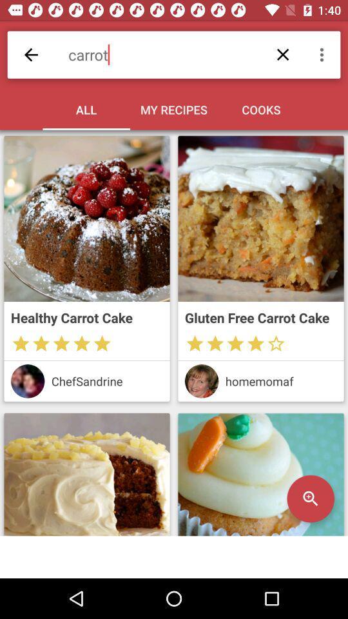 The height and width of the screenshot is (619, 348). What do you see at coordinates (31, 55) in the screenshot?
I see `go back` at bounding box center [31, 55].